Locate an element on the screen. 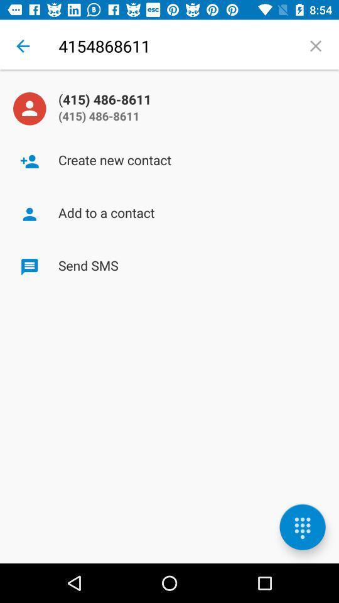 The height and width of the screenshot is (603, 339). the icon left to the text add to a contact is located at coordinates (30, 214).